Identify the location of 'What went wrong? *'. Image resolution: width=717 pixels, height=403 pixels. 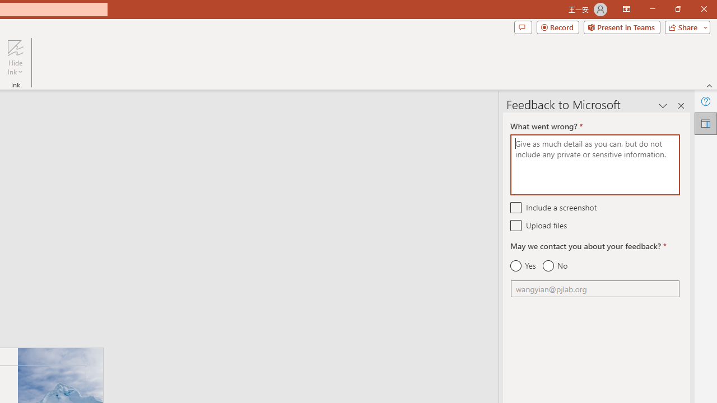
(594, 165).